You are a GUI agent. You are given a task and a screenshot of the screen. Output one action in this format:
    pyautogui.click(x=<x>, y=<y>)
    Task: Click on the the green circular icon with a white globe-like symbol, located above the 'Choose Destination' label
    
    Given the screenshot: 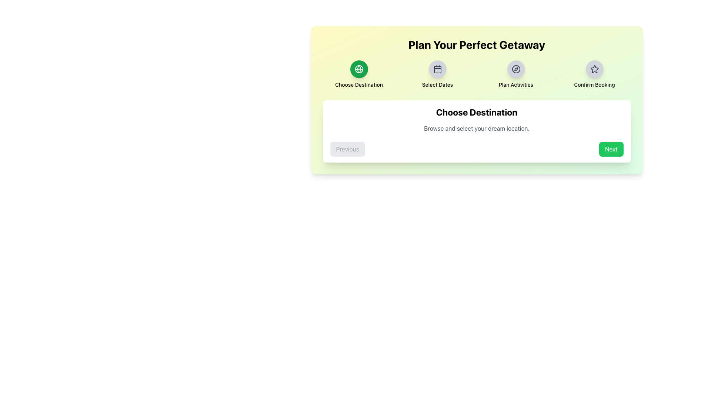 What is the action you would take?
    pyautogui.click(x=359, y=69)
    